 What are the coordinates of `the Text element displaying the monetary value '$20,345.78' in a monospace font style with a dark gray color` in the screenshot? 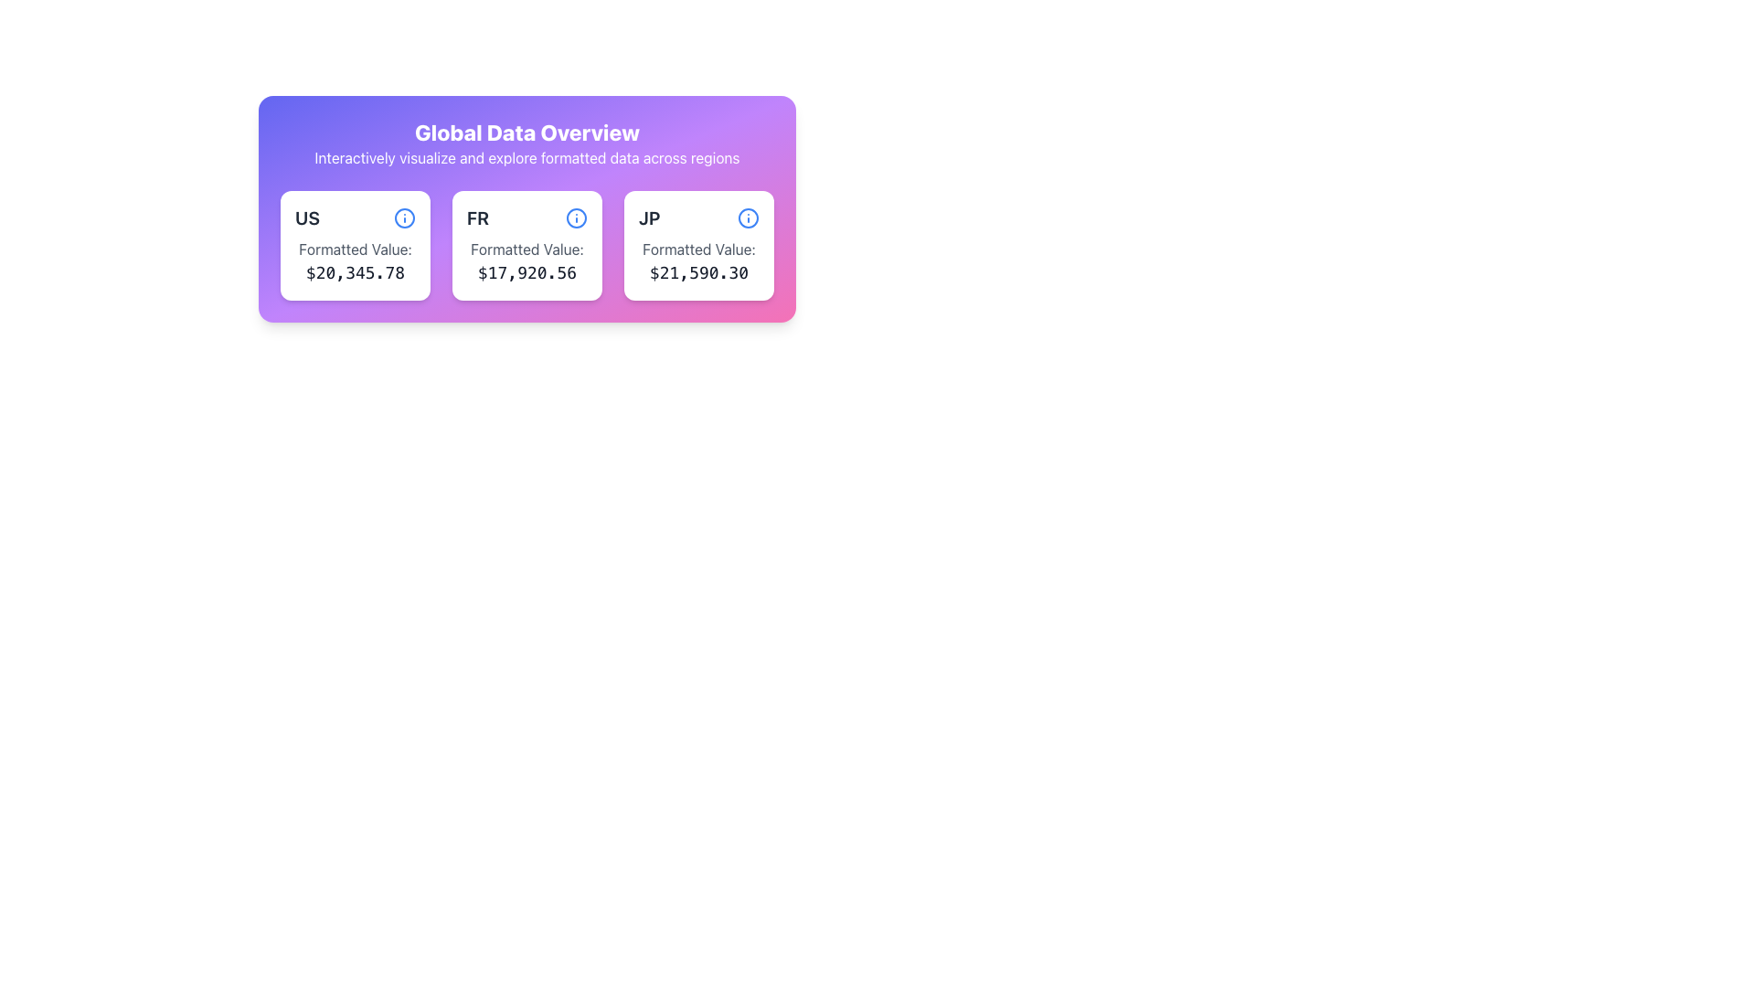 It's located at (355, 273).